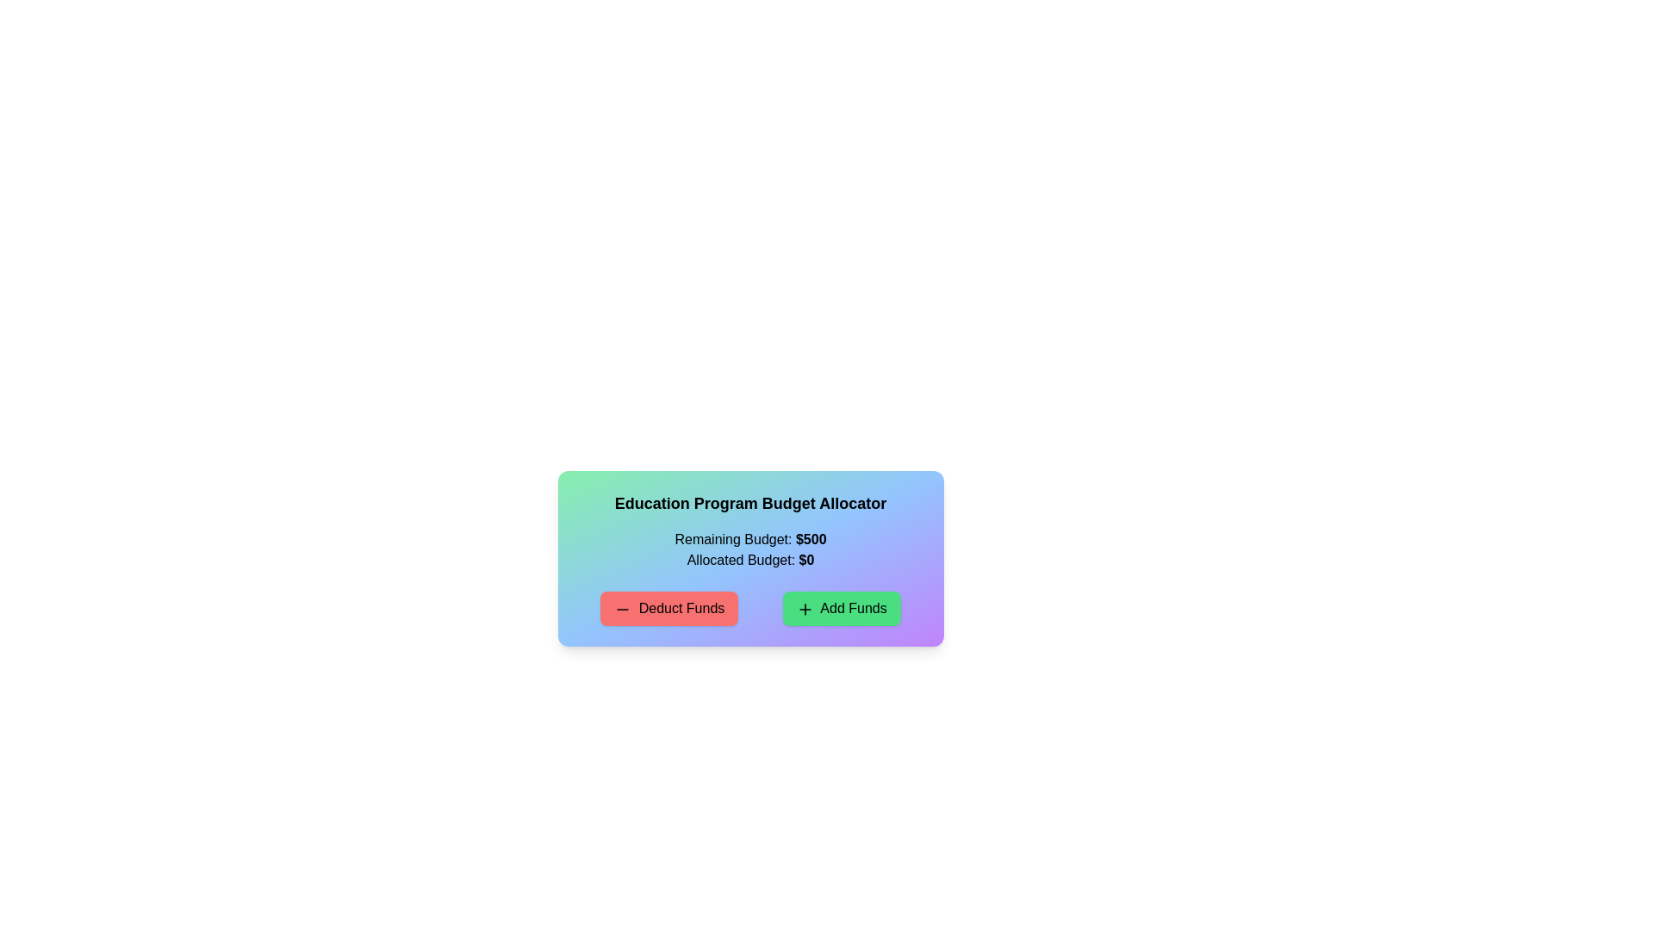 The width and height of the screenshot is (1654, 930). I want to click on the Informational Text Display that shows the current budget status, located below the title 'Education Program Budget Allocator', so click(750, 550).